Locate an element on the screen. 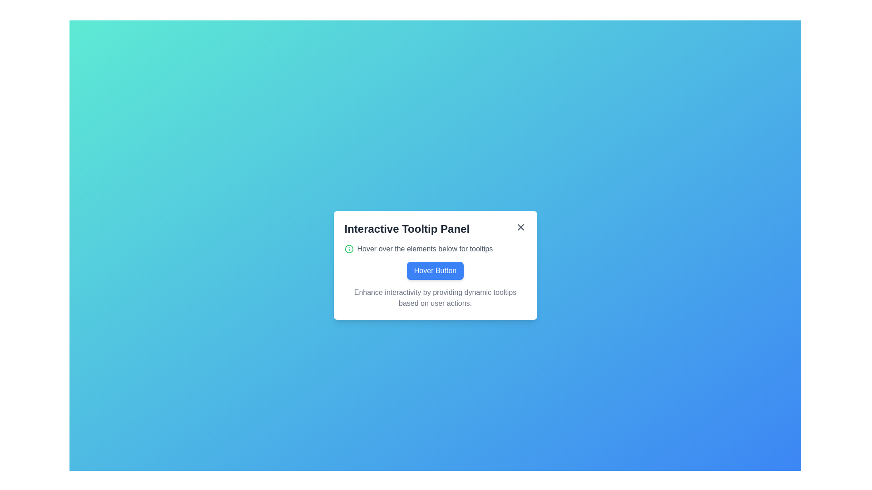  the close button represented by an 'X' in dark gray located in the top-right corner of the 'Interactive Tooltip Panel' is located at coordinates (520, 227).